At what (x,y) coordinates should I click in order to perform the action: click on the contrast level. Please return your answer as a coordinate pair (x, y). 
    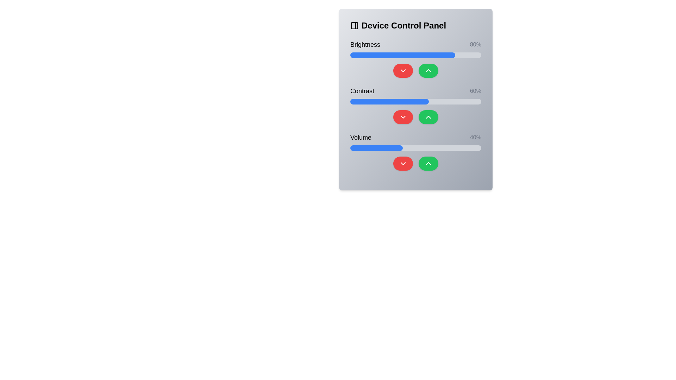
    Looking at the image, I should click on (392, 102).